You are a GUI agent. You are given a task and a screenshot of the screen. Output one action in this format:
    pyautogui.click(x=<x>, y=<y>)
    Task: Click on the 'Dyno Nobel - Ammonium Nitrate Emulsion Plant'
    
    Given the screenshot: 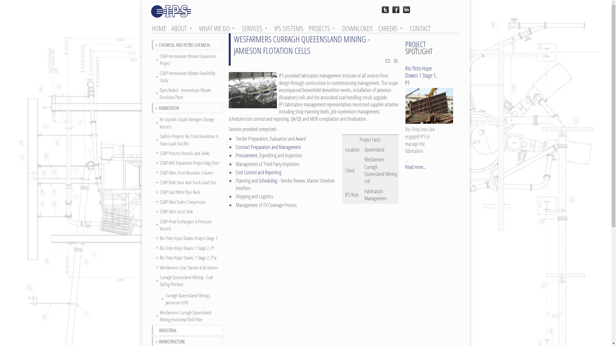 What is the action you would take?
    pyautogui.click(x=154, y=94)
    